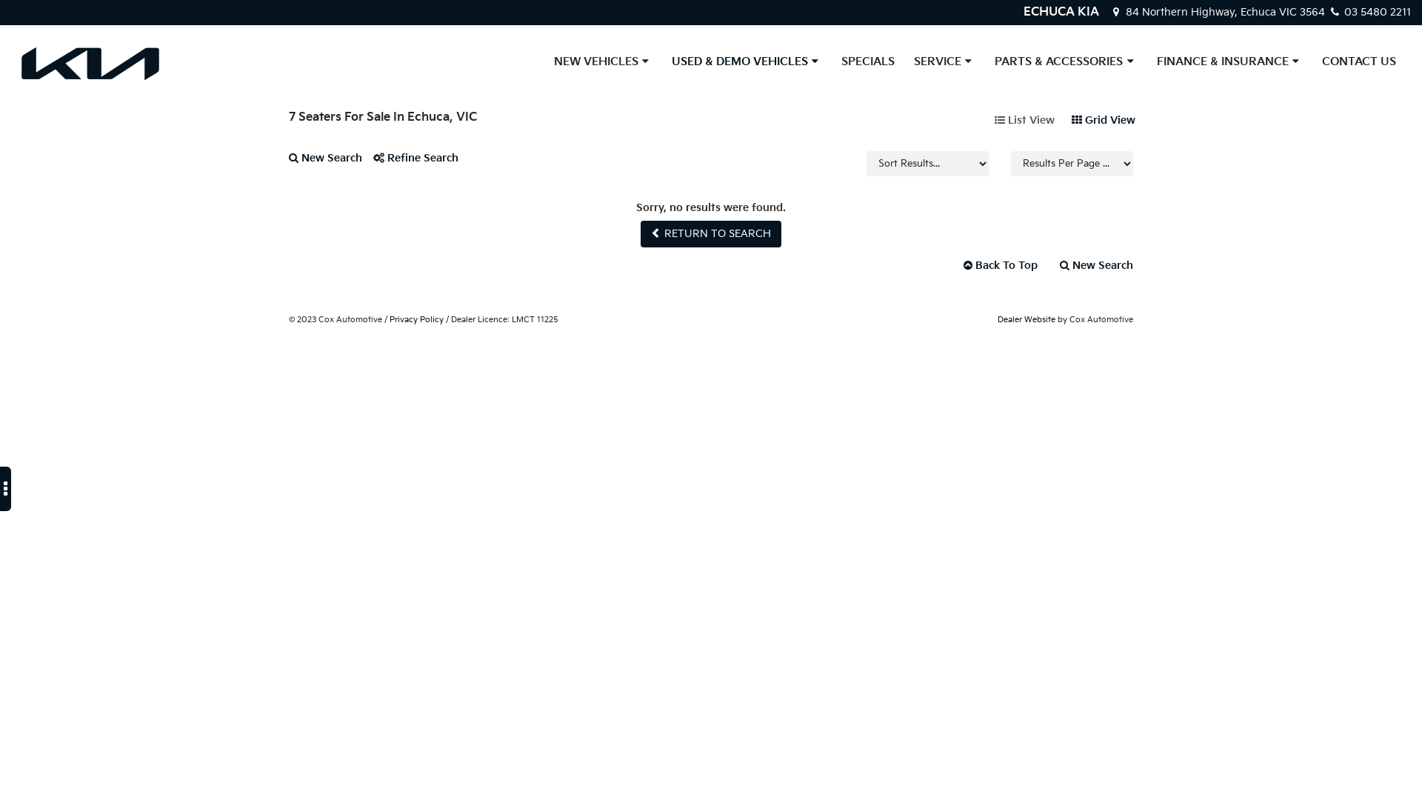 This screenshot has height=800, width=1422. What do you see at coordinates (1229, 61) in the screenshot?
I see `'FINANCE & INSURANCE'` at bounding box center [1229, 61].